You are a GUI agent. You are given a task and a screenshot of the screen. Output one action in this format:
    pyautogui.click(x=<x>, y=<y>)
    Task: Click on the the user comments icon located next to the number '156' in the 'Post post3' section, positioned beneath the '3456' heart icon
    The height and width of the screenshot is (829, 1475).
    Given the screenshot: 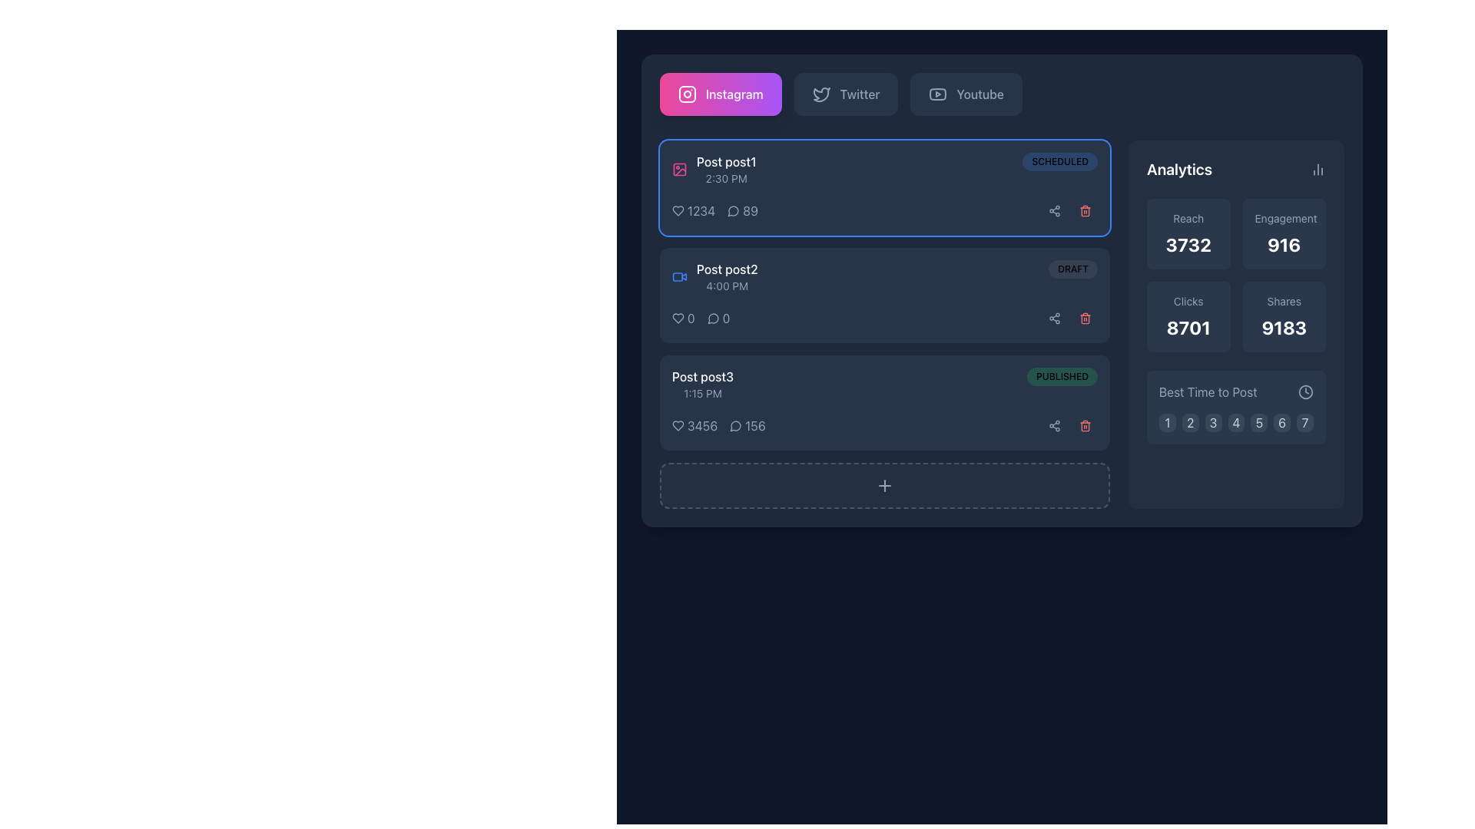 What is the action you would take?
    pyautogui.click(x=735, y=426)
    